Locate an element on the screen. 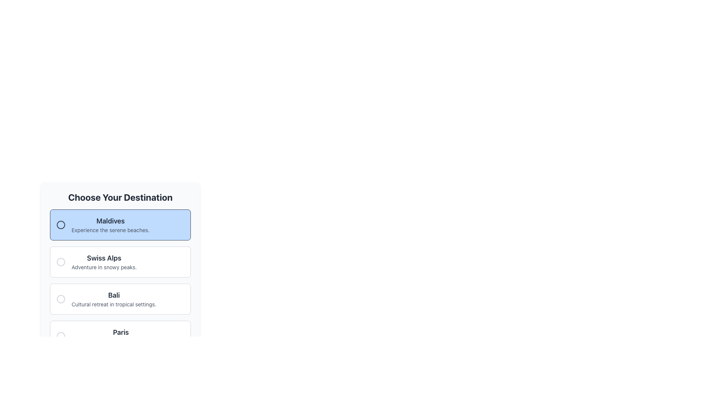 The image size is (727, 409). the radio button icon for the 'Swiss Alps' option is located at coordinates (61, 261).